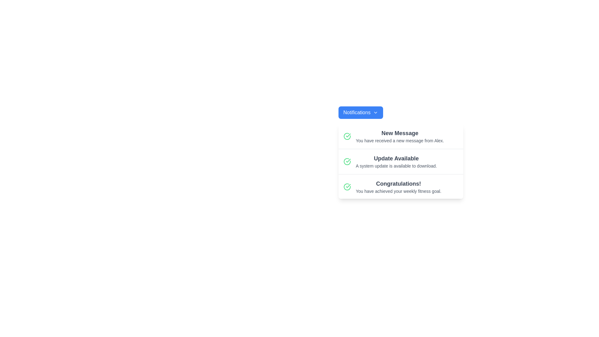 Image resolution: width=599 pixels, height=337 pixels. I want to click on the notification item displaying a new message received from Alex in the Notifications panel to read the message content, so click(400, 136).